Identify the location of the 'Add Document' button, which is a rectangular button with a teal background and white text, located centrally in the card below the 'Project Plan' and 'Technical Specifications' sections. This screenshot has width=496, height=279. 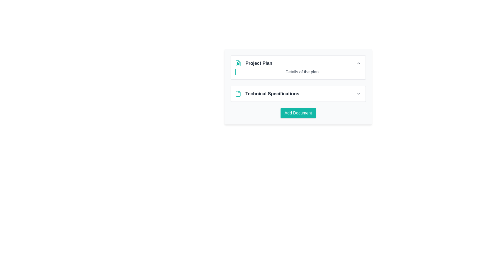
(298, 113).